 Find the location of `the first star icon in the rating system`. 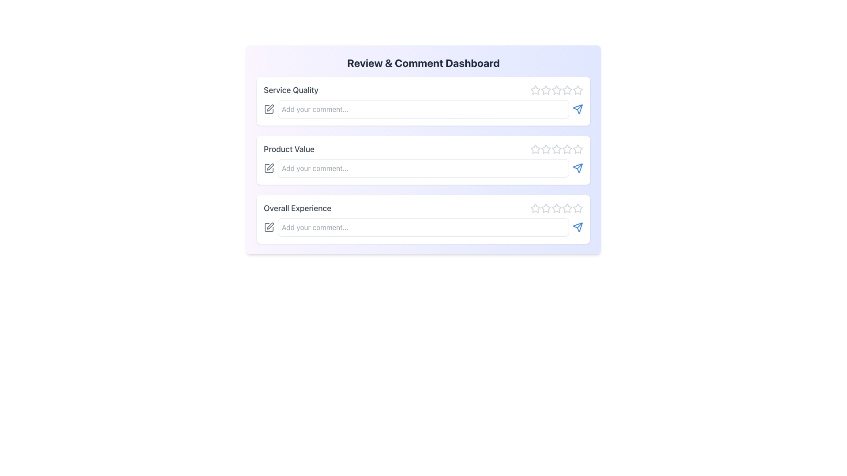

the first star icon in the rating system is located at coordinates (535, 90).